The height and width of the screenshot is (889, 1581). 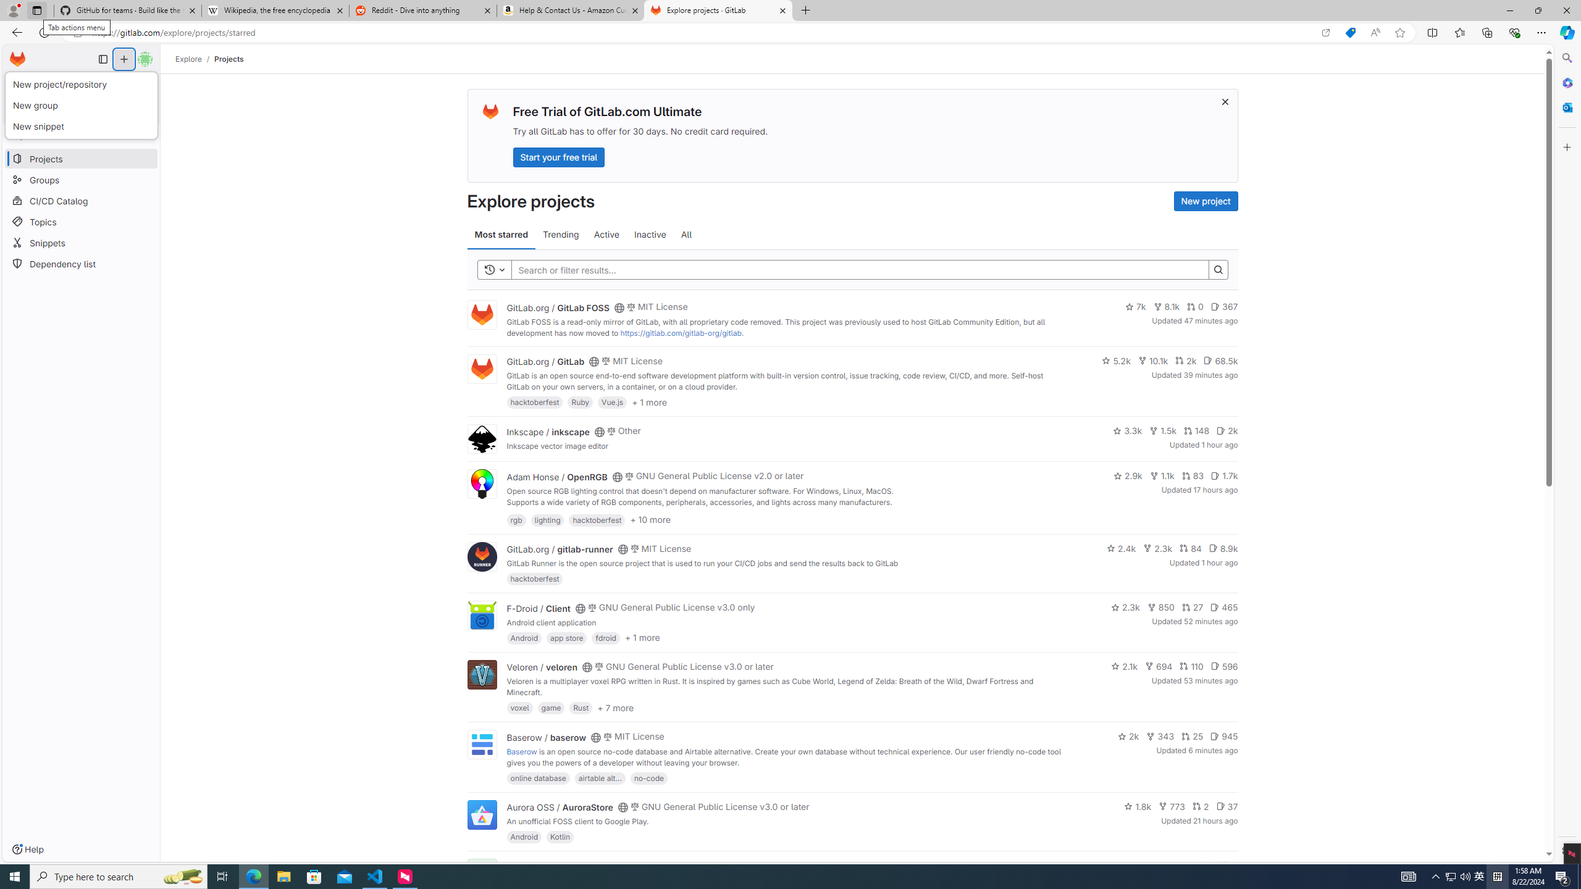 I want to click on 'F-Droid / Client', so click(x=538, y=607).